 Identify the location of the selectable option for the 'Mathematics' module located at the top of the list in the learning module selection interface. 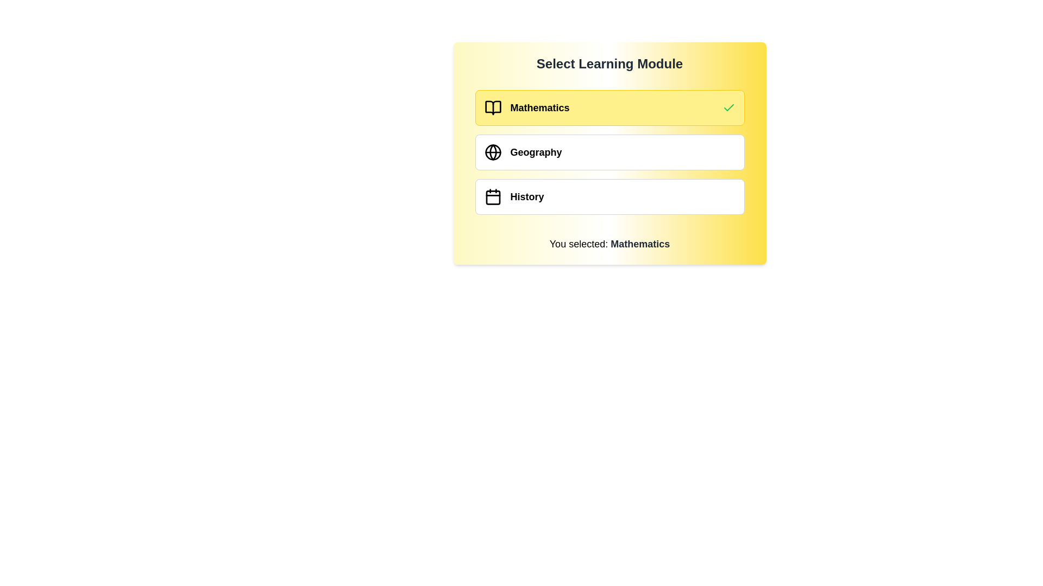
(610, 108).